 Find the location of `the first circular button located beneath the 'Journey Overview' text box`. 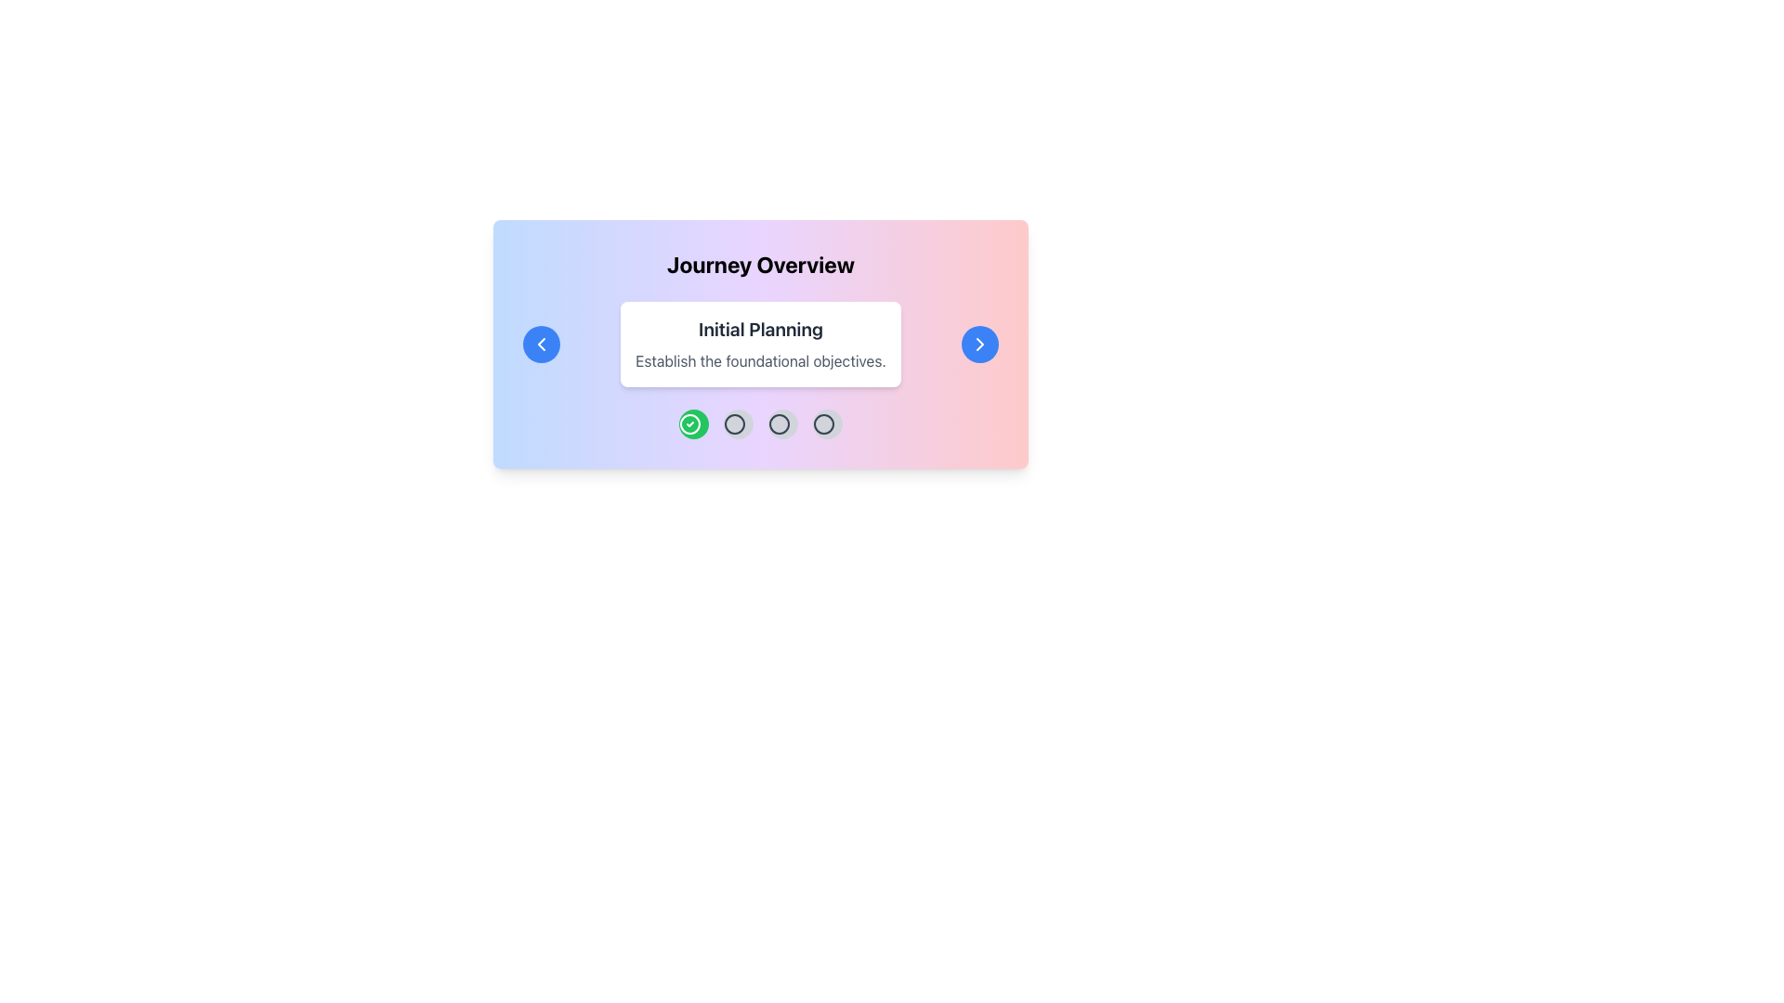

the first circular button located beneath the 'Journey Overview' text box is located at coordinates (689, 423).